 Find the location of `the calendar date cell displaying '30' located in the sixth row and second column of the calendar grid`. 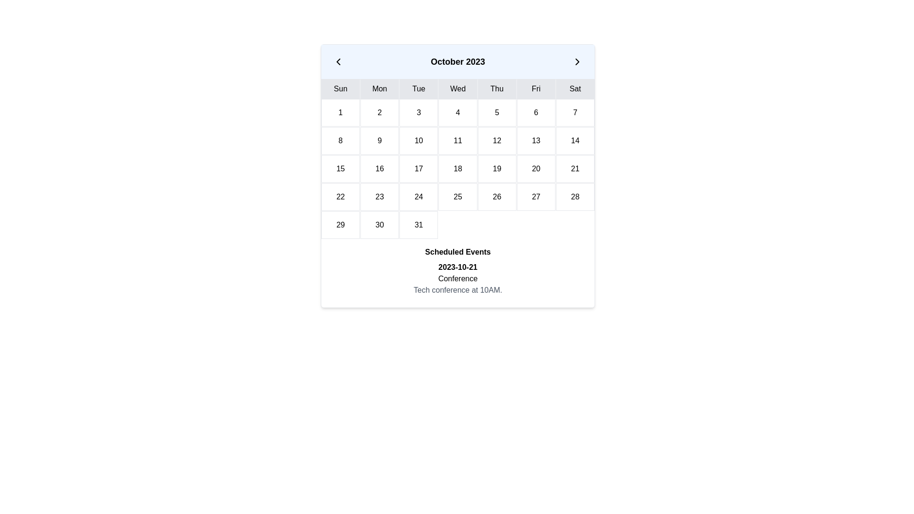

the calendar date cell displaying '30' located in the sixth row and second column of the calendar grid is located at coordinates (379, 225).